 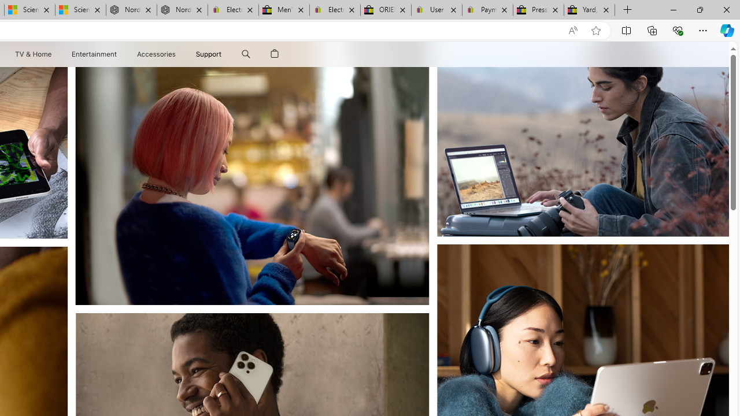 I want to click on 'Support menu', so click(x=224, y=54).